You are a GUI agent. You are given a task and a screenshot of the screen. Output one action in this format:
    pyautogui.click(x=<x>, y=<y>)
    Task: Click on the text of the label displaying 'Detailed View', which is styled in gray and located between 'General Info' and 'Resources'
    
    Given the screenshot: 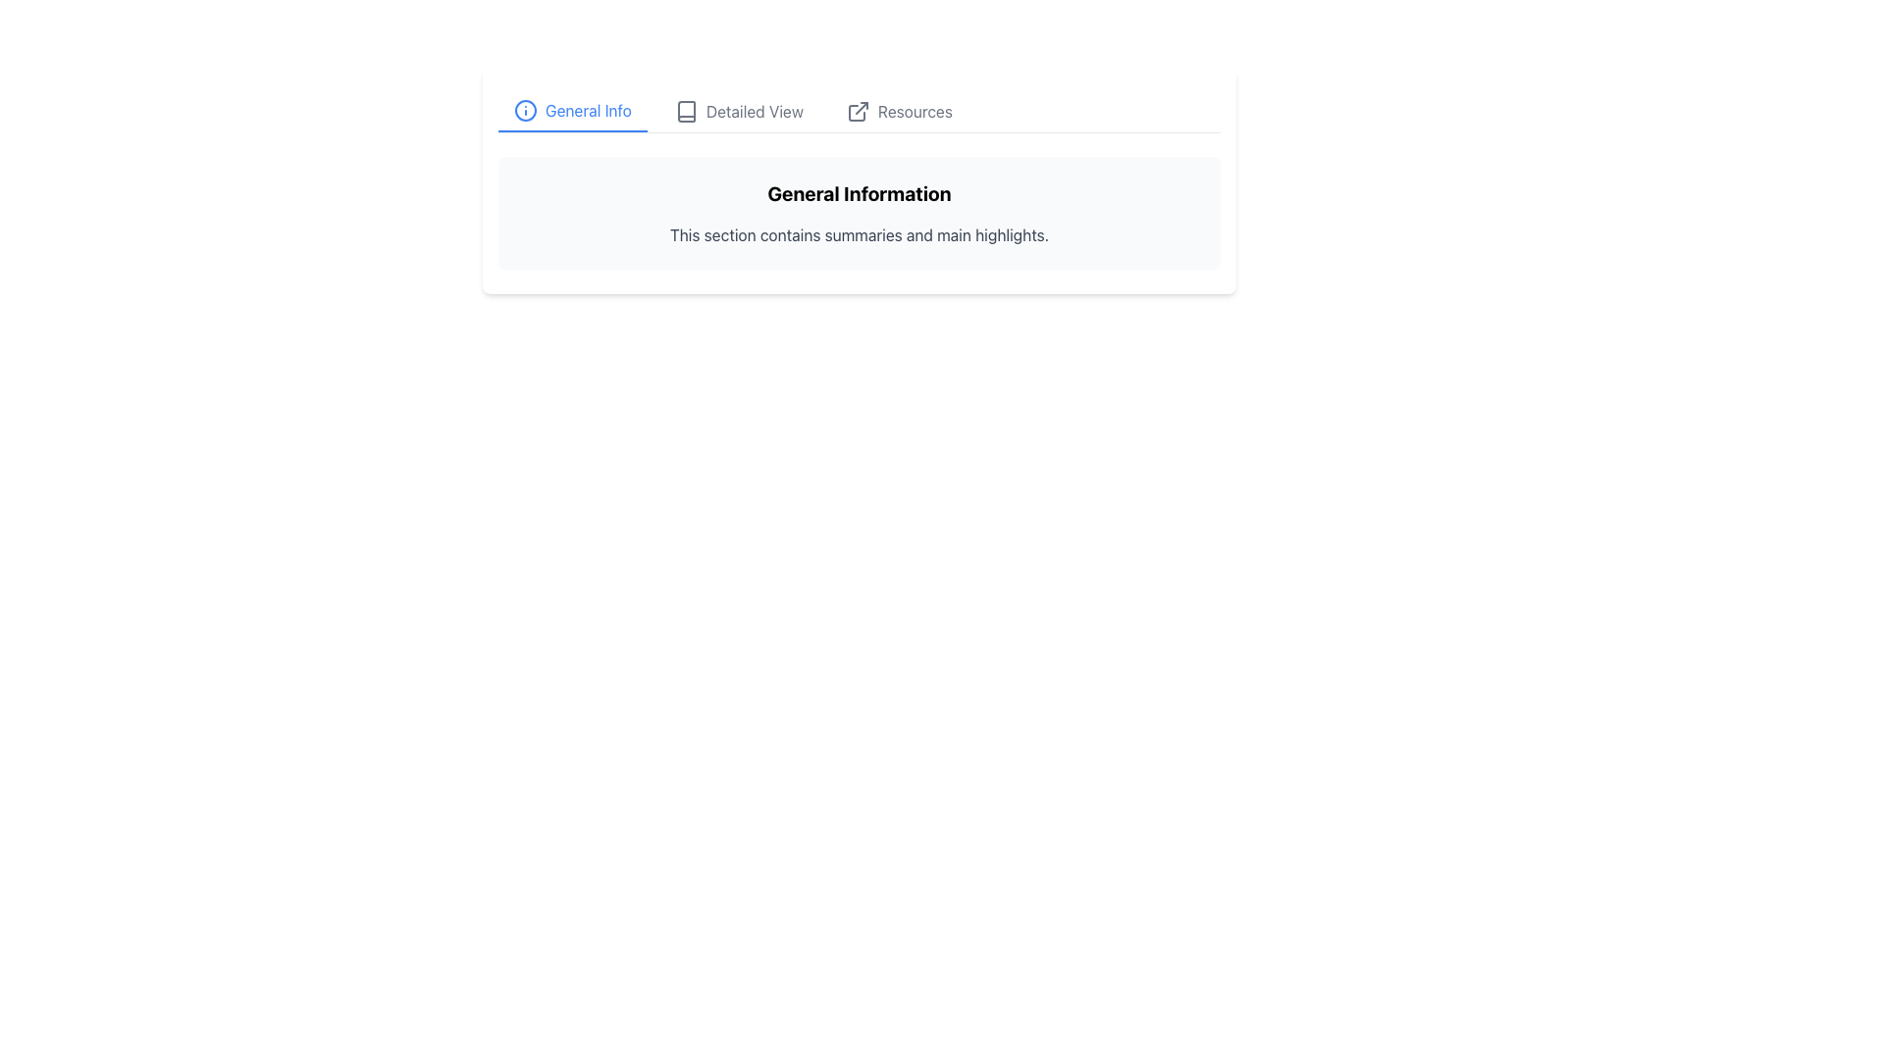 What is the action you would take?
    pyautogui.click(x=754, y=112)
    